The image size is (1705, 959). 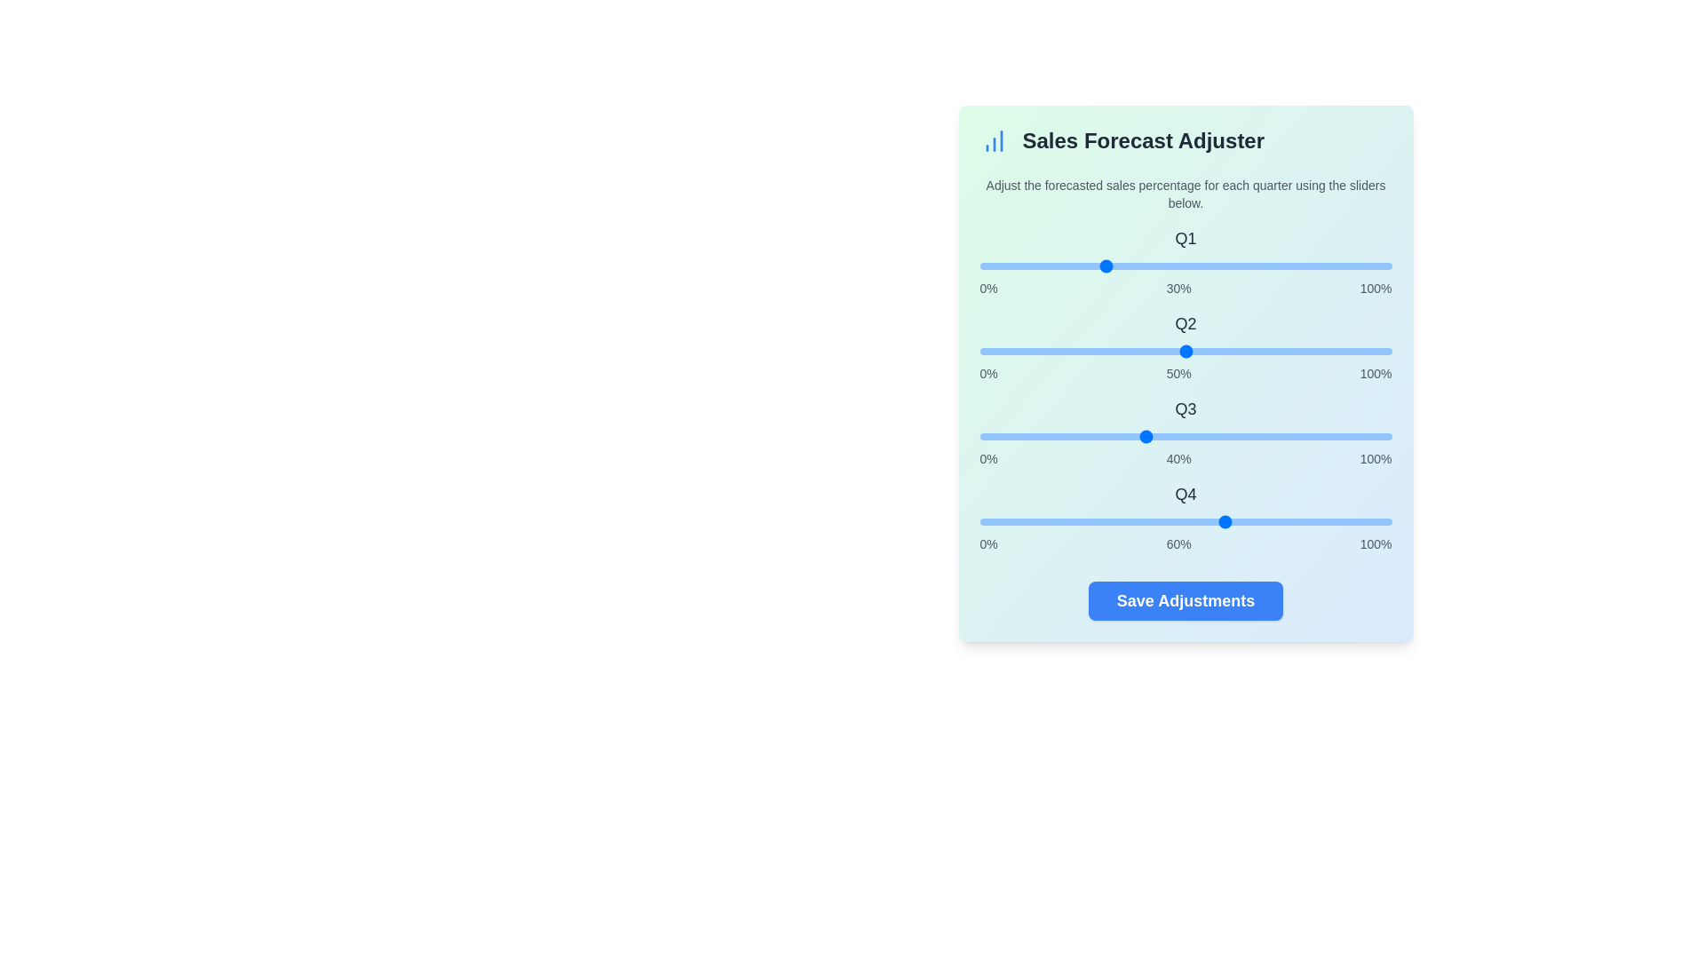 What do you see at coordinates (1362, 520) in the screenshot?
I see `the Q4 slider to 93%` at bounding box center [1362, 520].